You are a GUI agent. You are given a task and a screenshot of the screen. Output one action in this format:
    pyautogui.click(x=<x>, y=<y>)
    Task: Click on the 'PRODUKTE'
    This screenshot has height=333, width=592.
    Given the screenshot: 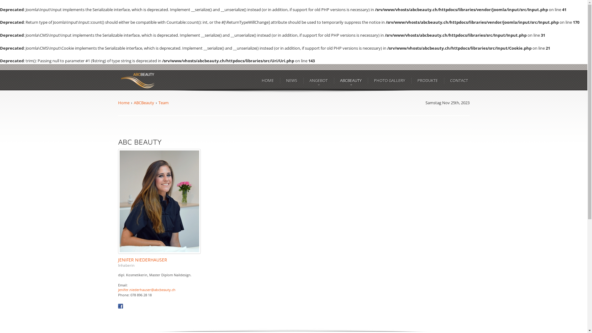 What is the action you would take?
    pyautogui.click(x=427, y=80)
    